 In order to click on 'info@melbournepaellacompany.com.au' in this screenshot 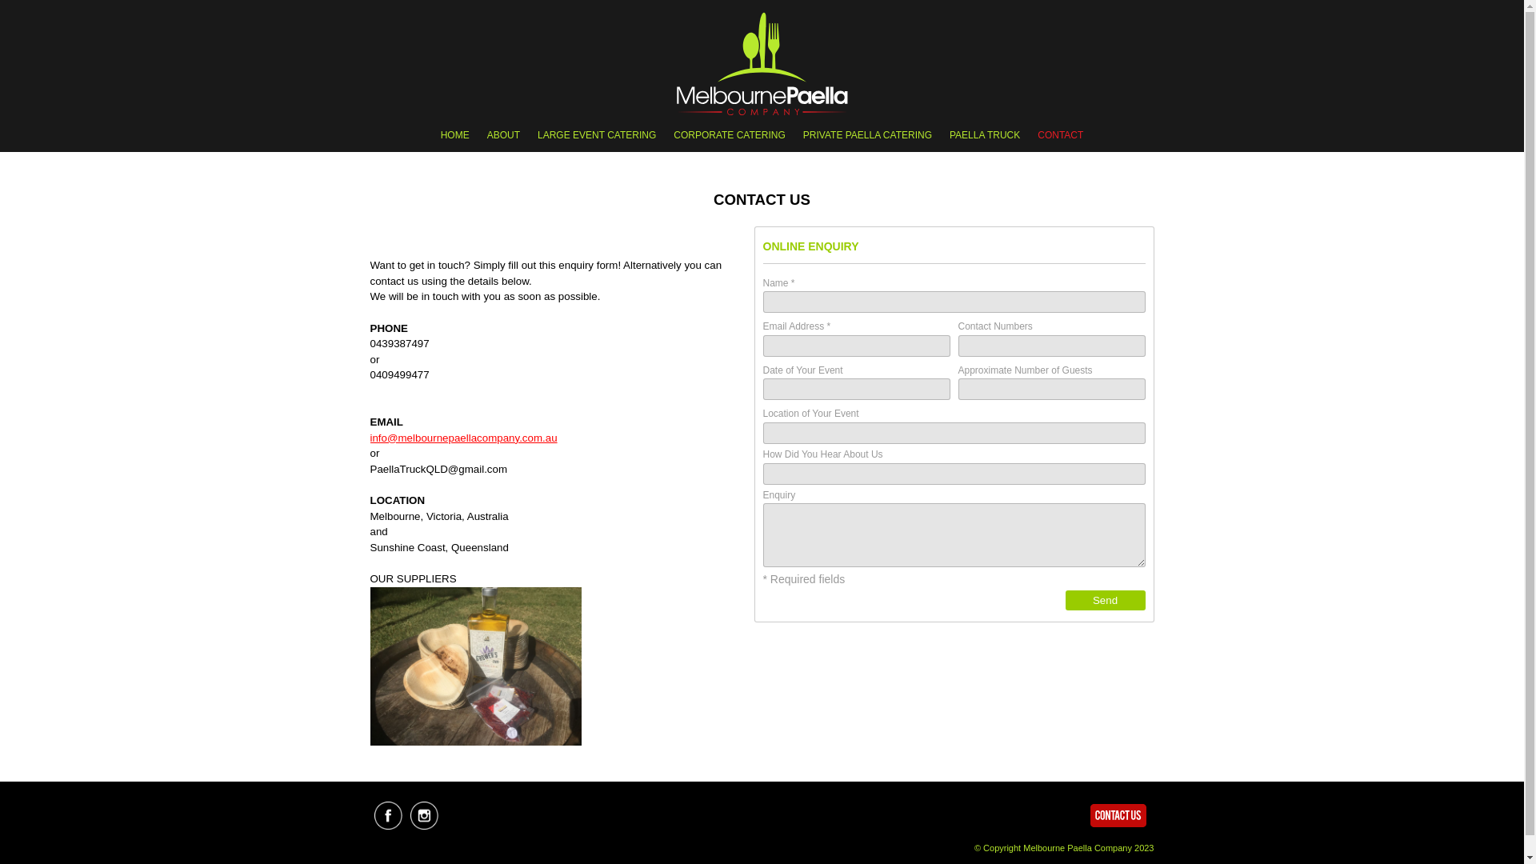, I will do `click(462, 438)`.